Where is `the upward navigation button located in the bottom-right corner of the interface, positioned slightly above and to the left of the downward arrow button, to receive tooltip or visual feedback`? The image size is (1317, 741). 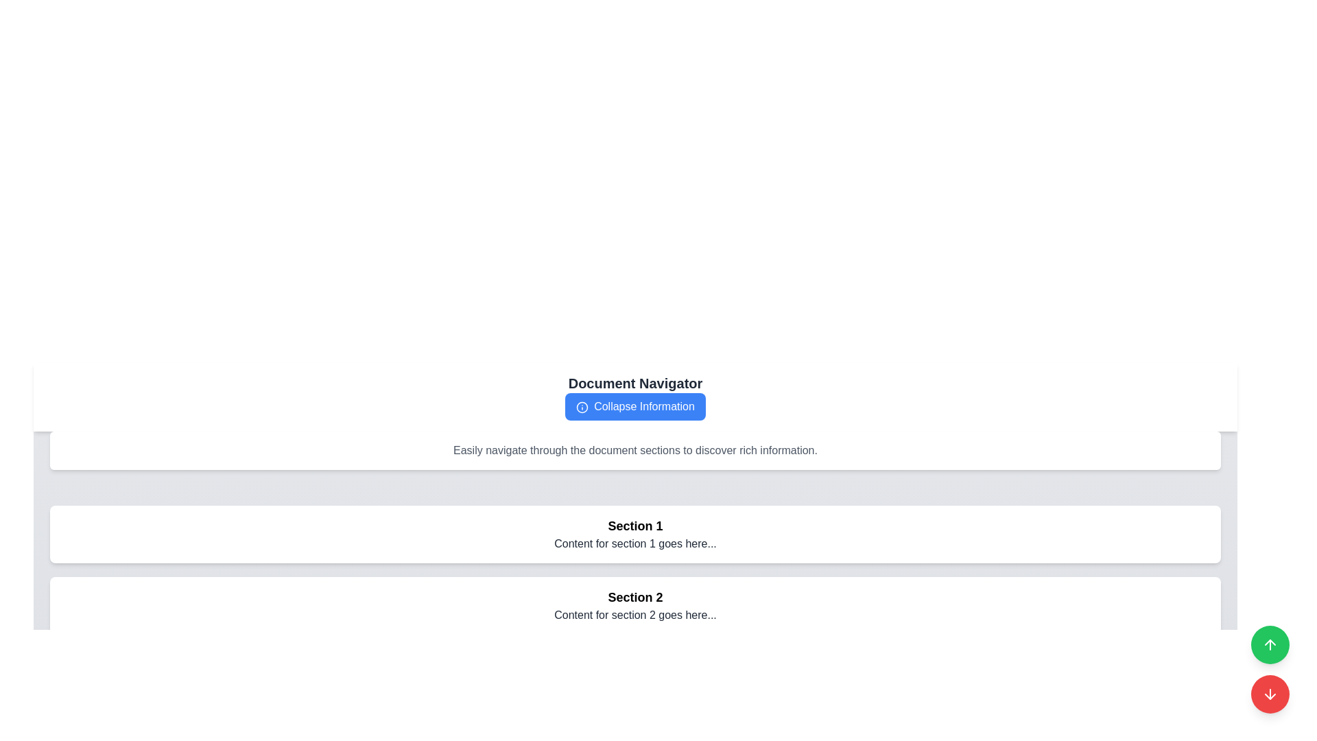
the upward navigation button located in the bottom-right corner of the interface, positioned slightly above and to the left of the downward arrow button, to receive tooltip or visual feedback is located at coordinates (1270, 645).